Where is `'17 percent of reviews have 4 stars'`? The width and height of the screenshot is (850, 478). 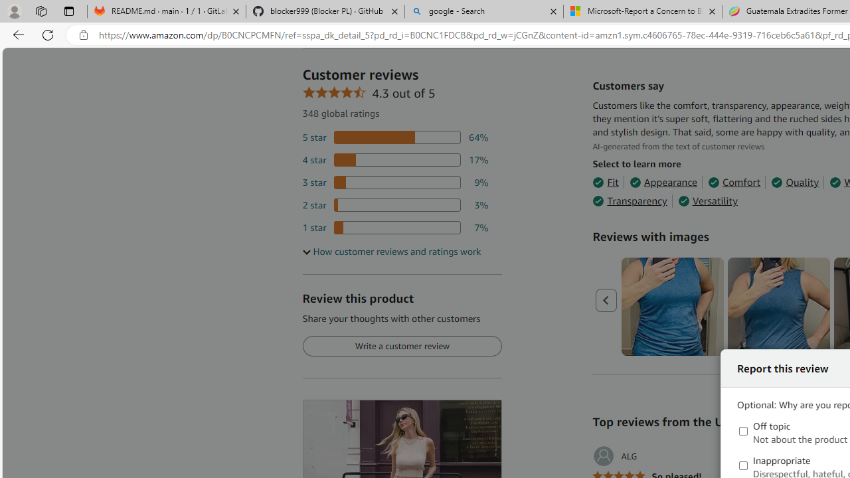
'17 percent of reviews have 4 stars' is located at coordinates (394, 159).